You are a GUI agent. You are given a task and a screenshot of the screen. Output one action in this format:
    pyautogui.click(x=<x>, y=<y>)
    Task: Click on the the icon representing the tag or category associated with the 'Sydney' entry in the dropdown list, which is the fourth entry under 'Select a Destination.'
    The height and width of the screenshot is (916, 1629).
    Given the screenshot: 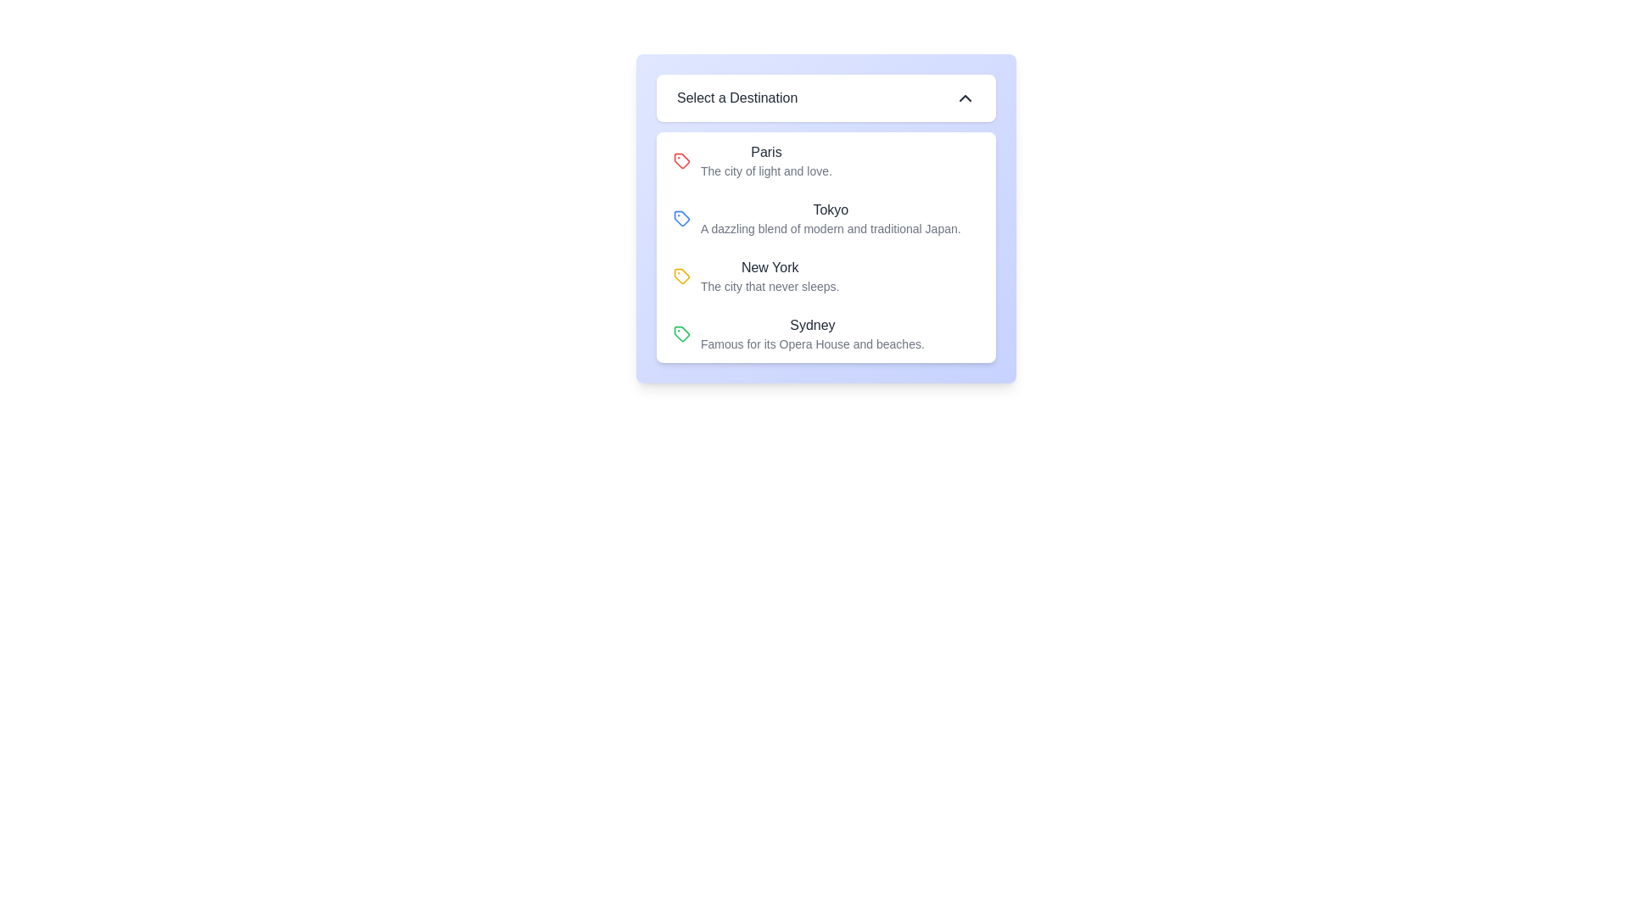 What is the action you would take?
    pyautogui.click(x=682, y=333)
    